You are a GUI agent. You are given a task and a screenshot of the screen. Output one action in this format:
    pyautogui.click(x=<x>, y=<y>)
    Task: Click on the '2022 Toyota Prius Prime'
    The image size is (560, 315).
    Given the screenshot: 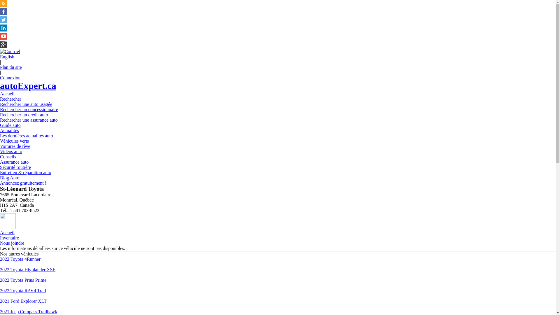 What is the action you would take?
    pyautogui.click(x=23, y=280)
    